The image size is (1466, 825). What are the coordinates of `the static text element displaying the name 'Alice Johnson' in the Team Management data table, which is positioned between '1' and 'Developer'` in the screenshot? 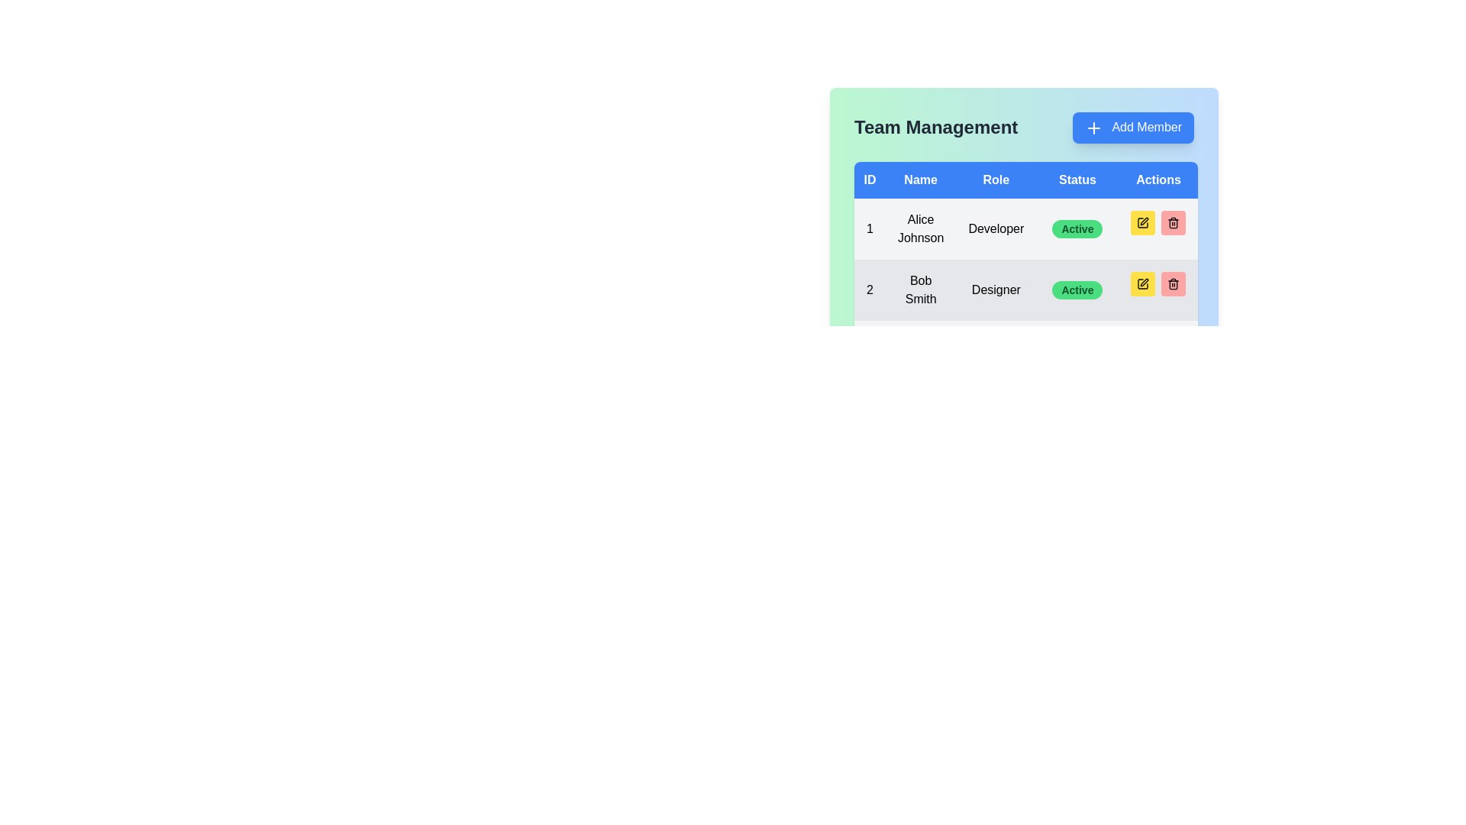 It's located at (920, 228).